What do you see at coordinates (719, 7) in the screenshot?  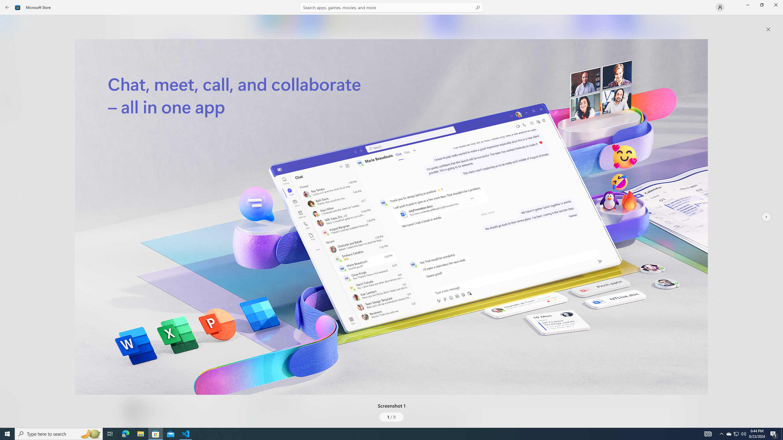 I see `'User profile'` at bounding box center [719, 7].